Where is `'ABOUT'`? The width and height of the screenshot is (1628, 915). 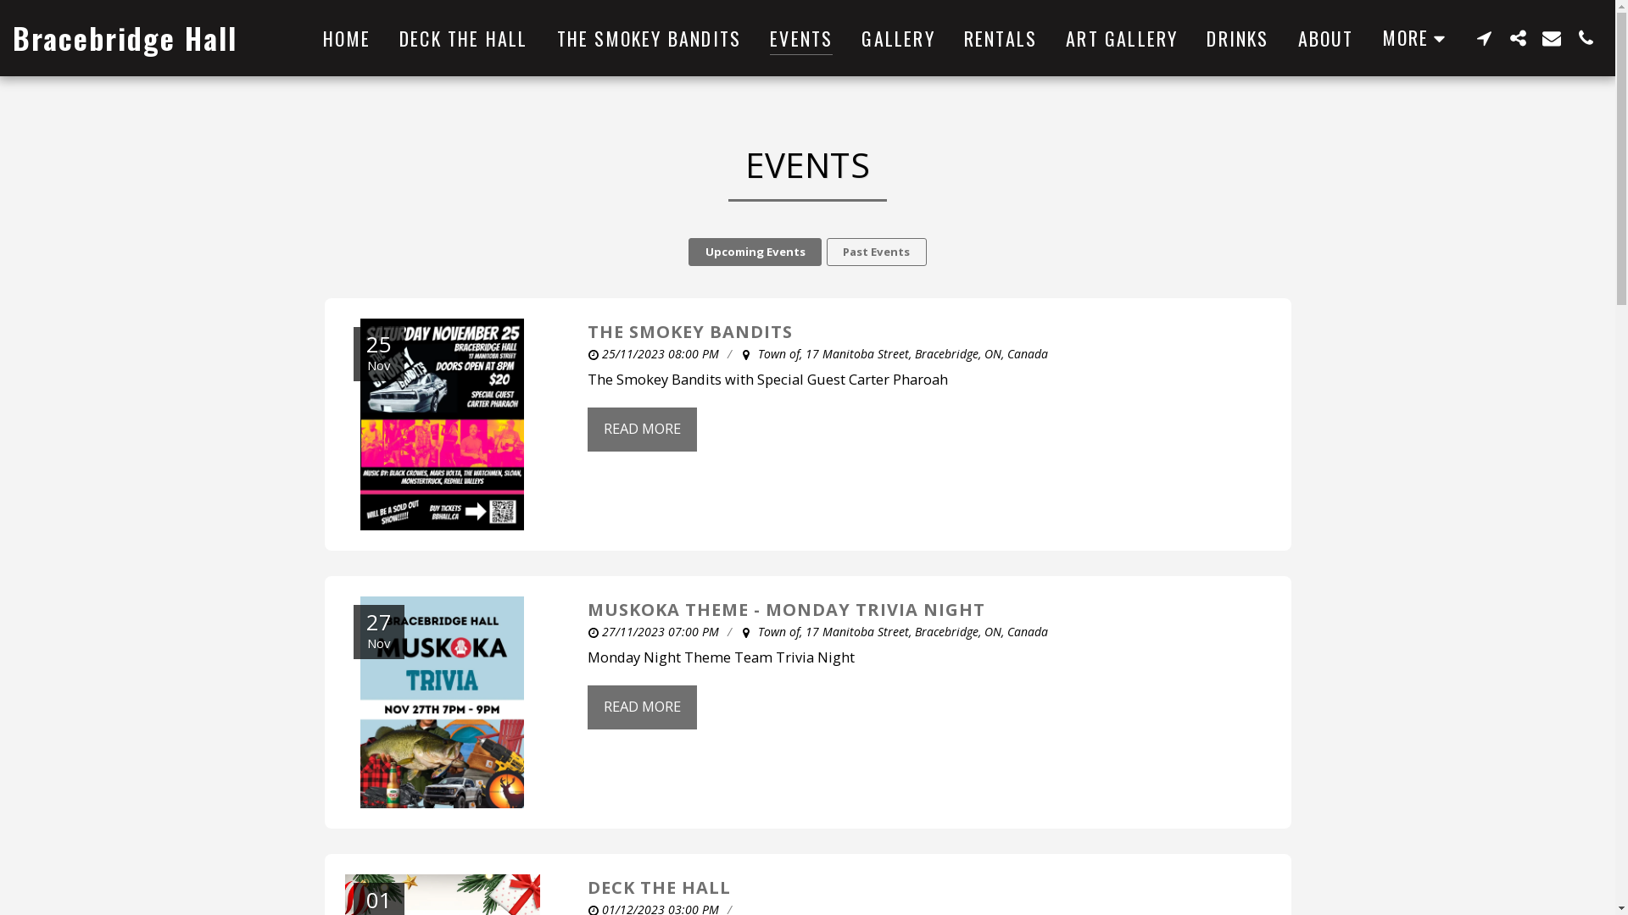 'ABOUT' is located at coordinates (1325, 38).